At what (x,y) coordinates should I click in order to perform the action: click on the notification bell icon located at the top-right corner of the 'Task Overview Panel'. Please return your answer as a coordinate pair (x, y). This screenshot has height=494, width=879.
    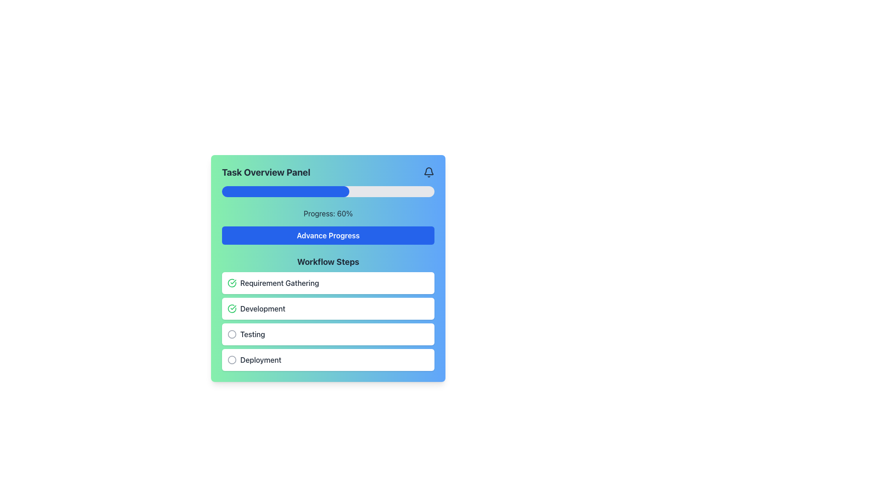
    Looking at the image, I should click on (428, 172).